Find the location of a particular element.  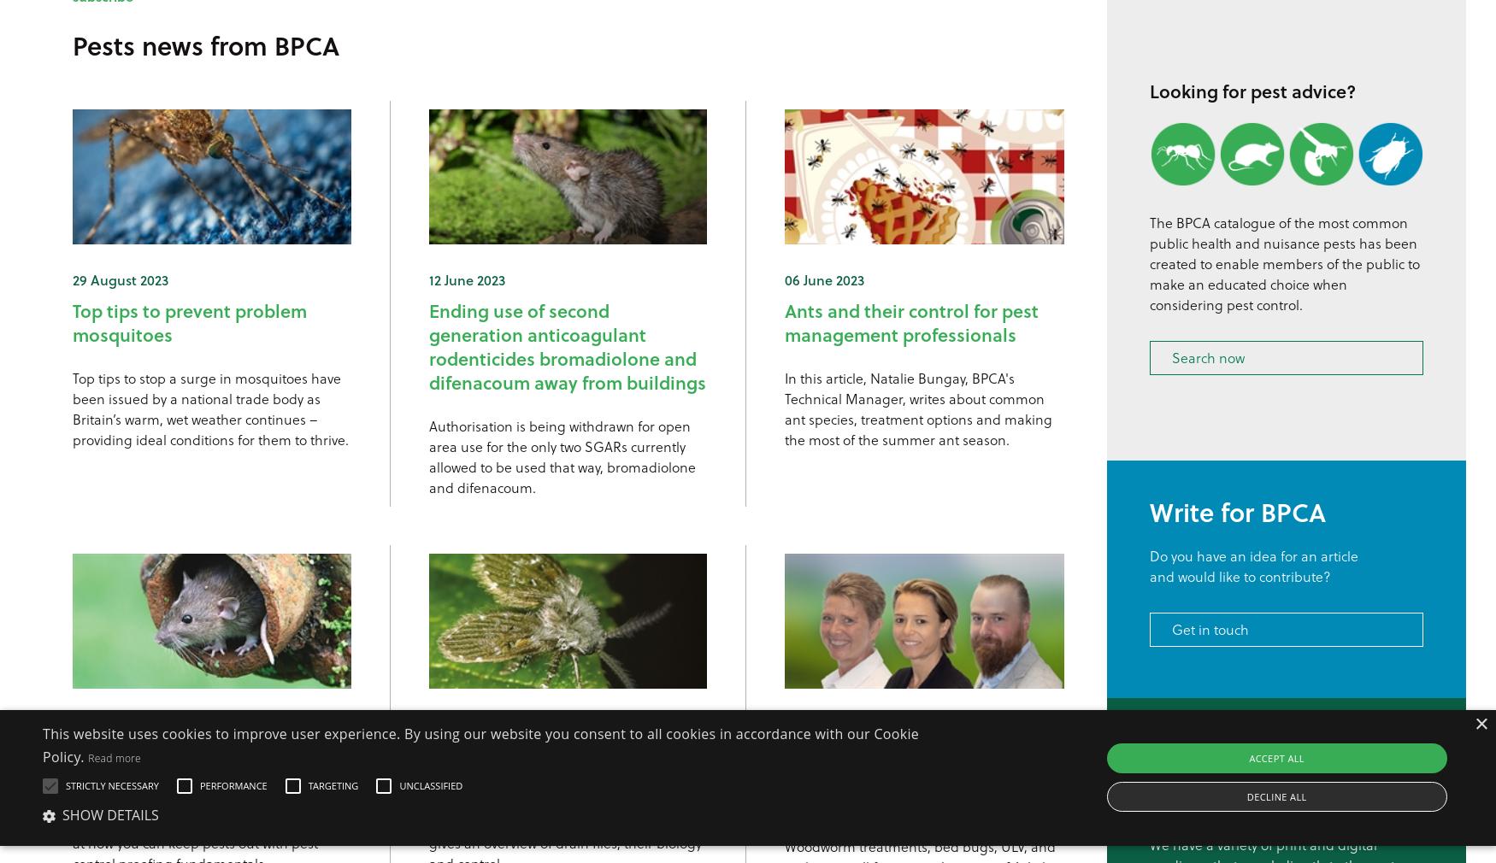

'This website uses cookies to improve user experience. By using our website you consent to all cookies in accordance with our Cookie Policy.' is located at coordinates (480, 744).